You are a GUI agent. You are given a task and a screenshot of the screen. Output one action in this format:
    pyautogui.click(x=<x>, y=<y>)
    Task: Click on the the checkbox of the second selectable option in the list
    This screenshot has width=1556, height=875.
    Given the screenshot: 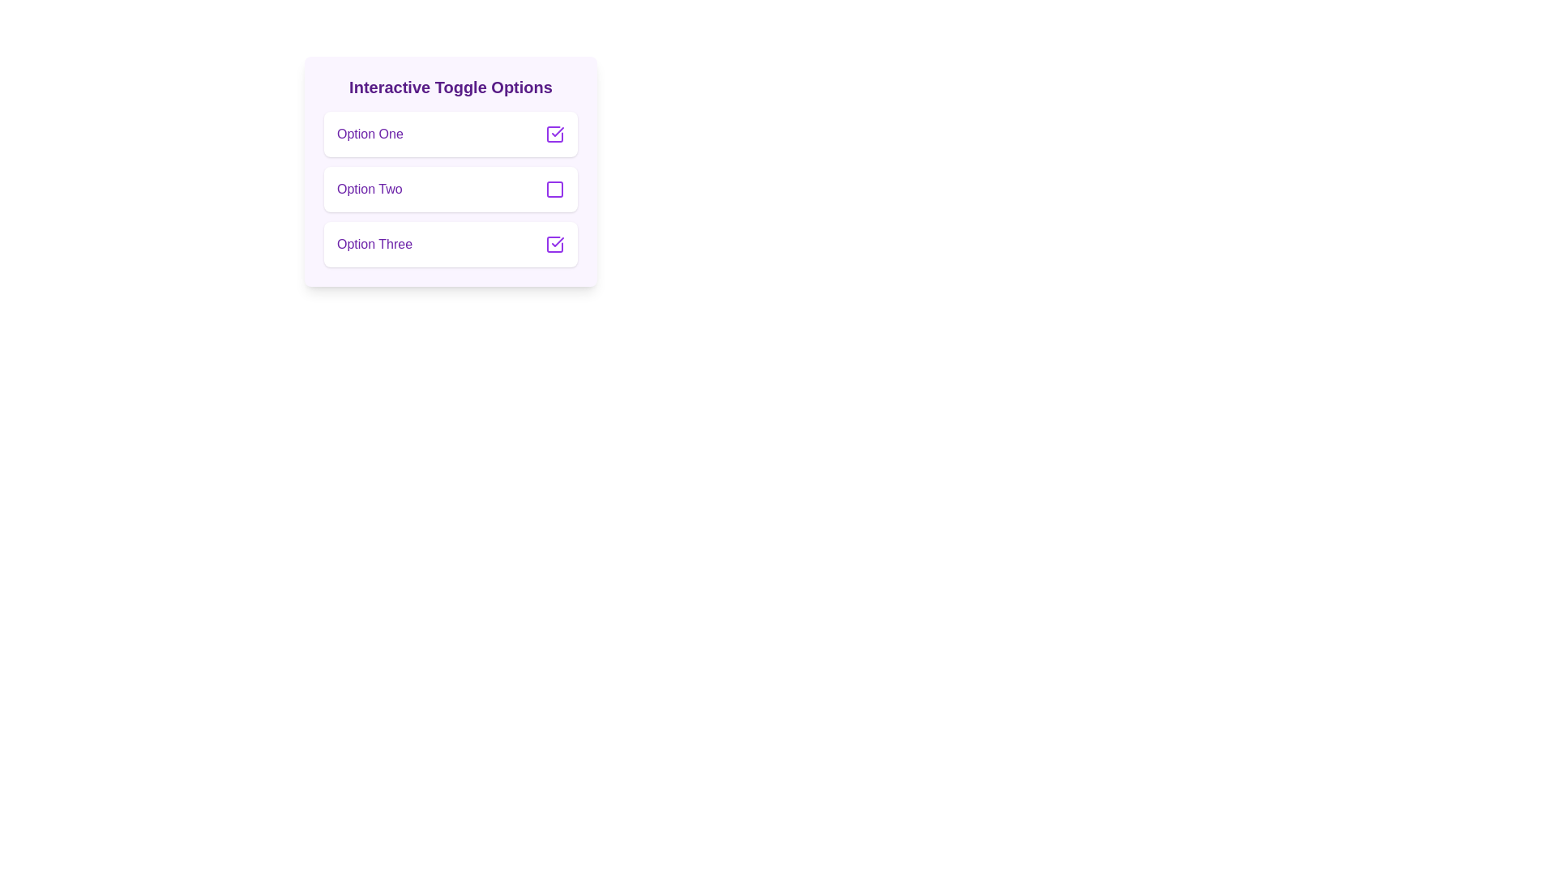 What is the action you would take?
    pyautogui.click(x=451, y=189)
    